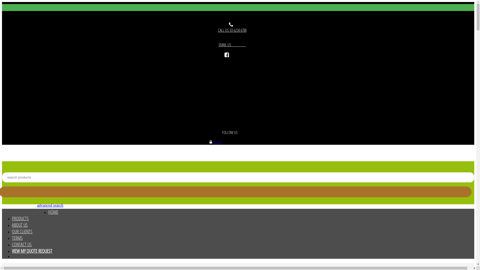 This screenshot has width=480, height=270. Describe the element at coordinates (22, 231) in the screenshot. I see `'OUR CLIENTS'` at that location.